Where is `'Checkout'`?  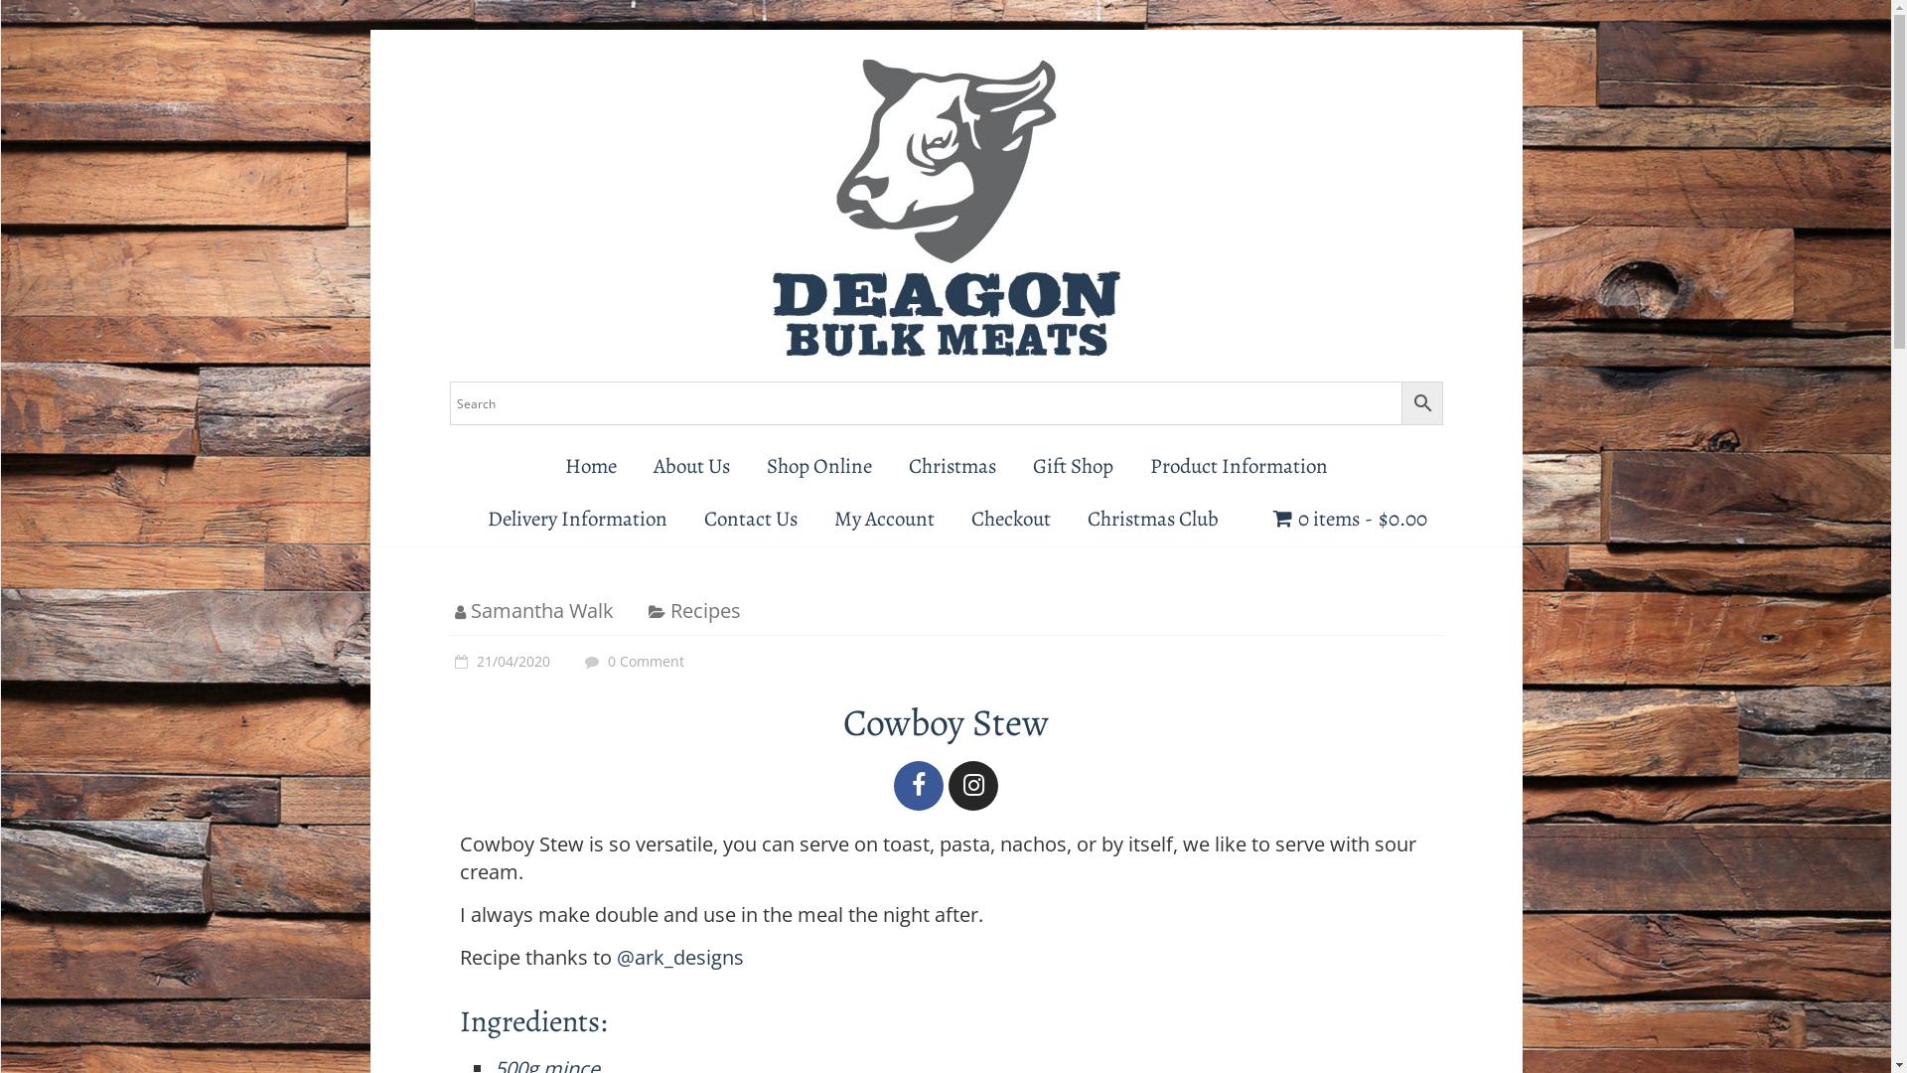
'Checkout' is located at coordinates (1010, 518).